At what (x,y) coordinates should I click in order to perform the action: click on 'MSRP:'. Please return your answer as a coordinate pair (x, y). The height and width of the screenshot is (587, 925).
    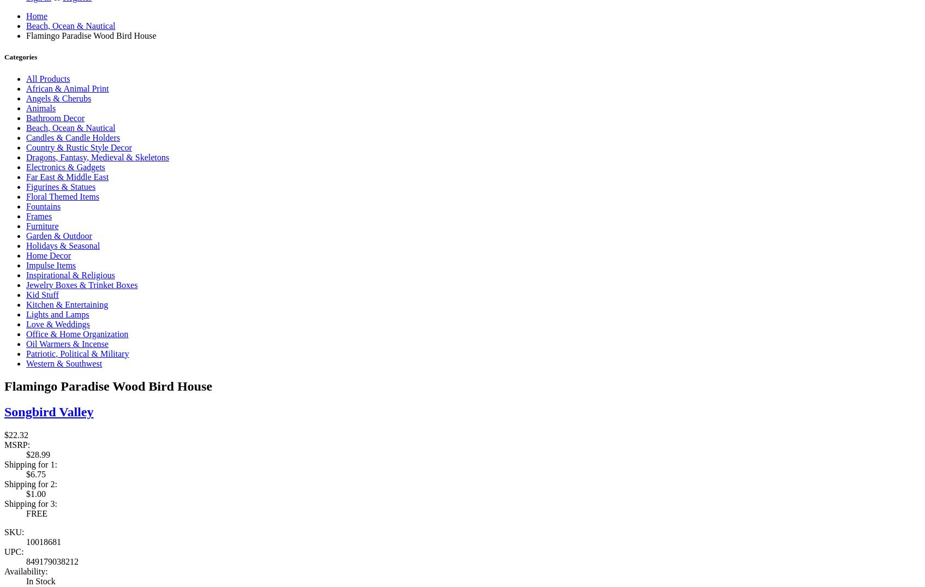
    Looking at the image, I should click on (4, 444).